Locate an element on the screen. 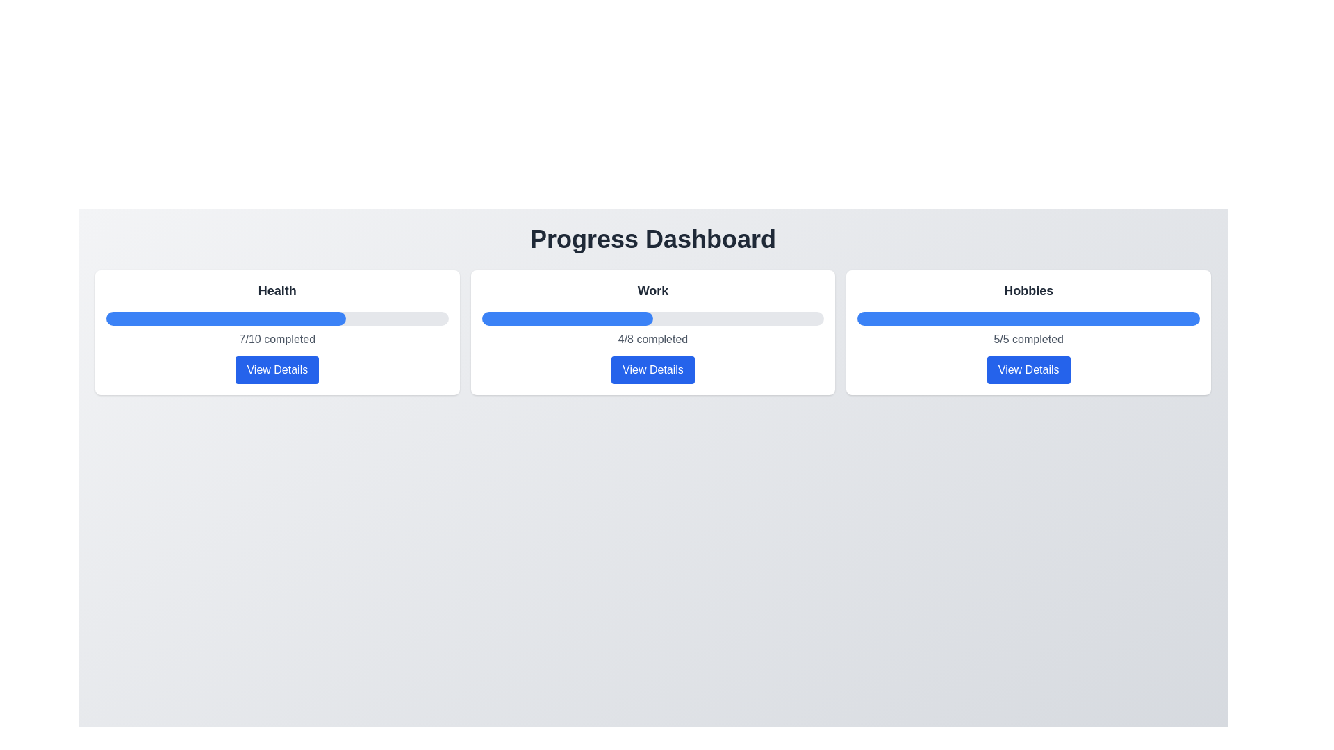 This screenshot has width=1334, height=750. the text label that displays the progress of completed and total steps, located below the progress bar in the first card of the 'Health' section is located at coordinates (277, 340).